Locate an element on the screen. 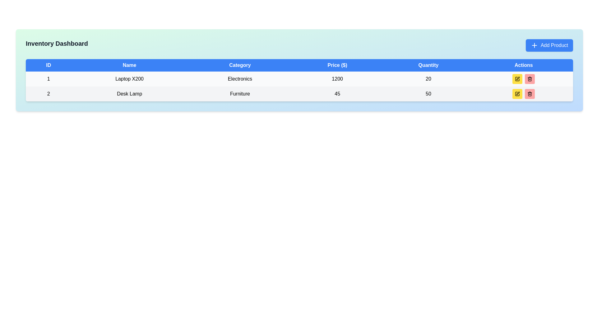 The width and height of the screenshot is (597, 336). text content of the ID number for the 'Desk Lamp' entry located in the leading cell of the second row under the 'ID' column header in the table is located at coordinates (48, 94).